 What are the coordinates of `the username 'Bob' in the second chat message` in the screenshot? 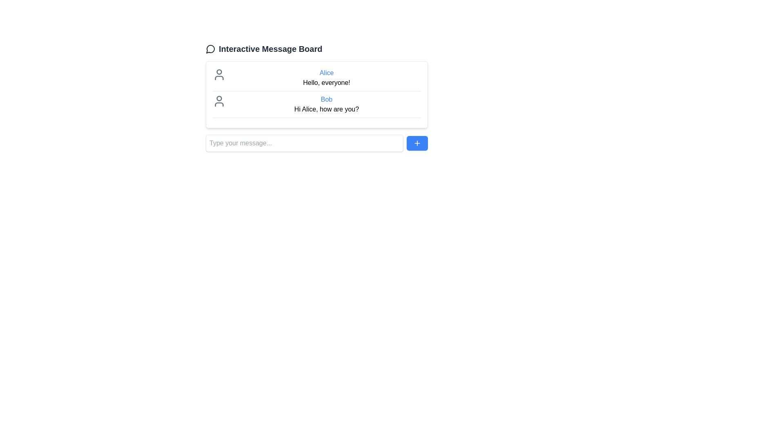 It's located at (327, 104).